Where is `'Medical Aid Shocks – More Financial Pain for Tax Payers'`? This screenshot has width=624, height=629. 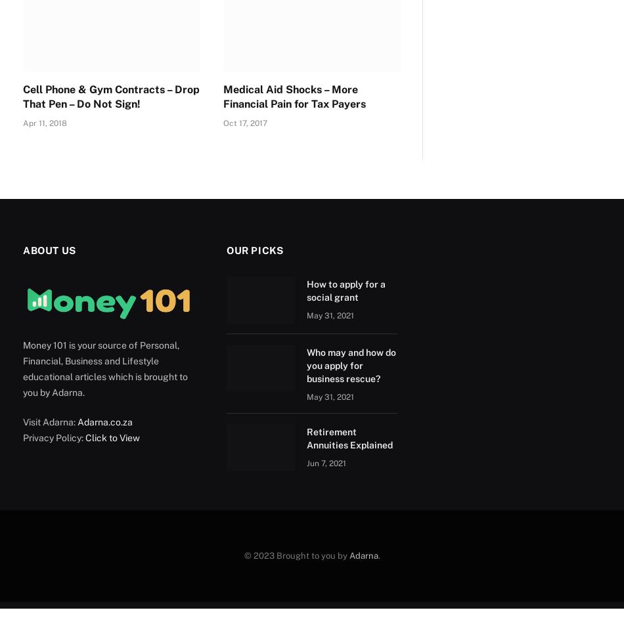 'Medical Aid Shocks – More Financial Pain for Tax Payers' is located at coordinates (294, 96).